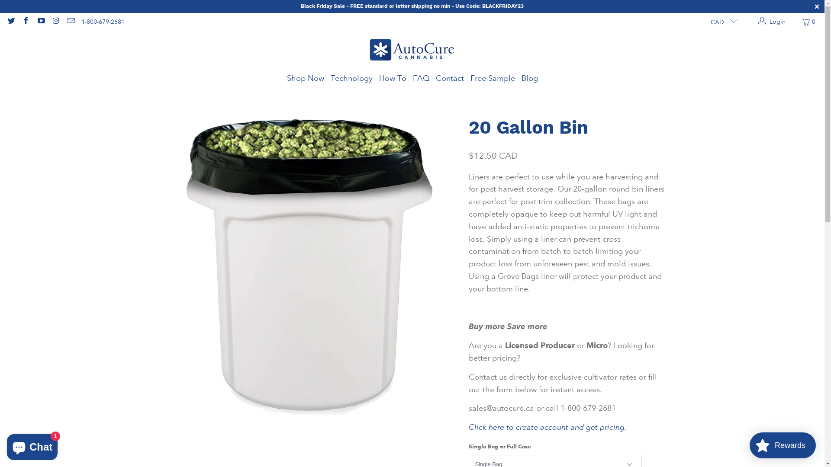 The image size is (831, 467). I want to click on 'CAD', so click(721, 21).